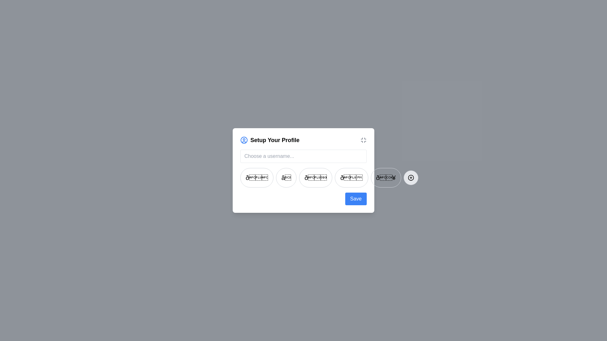  Describe the element at coordinates (244, 140) in the screenshot. I see `the user profile icon located in the header of the 'Setup Your Profile' dialog box` at that location.